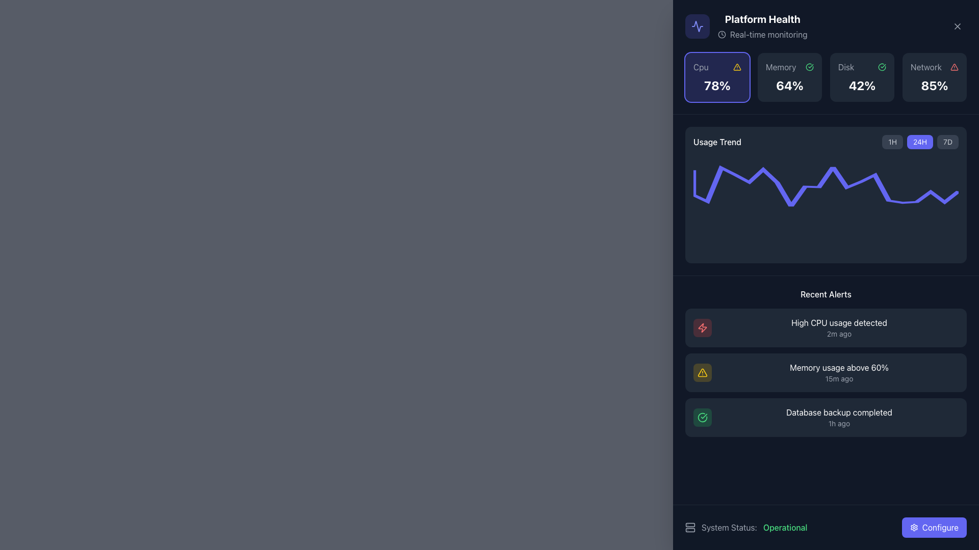  Describe the element at coordinates (785, 527) in the screenshot. I see `the Static text label displaying 'Operational' in a green font, located at the bottom-right corner of the interface adjacent to the 'Configure' button` at that location.